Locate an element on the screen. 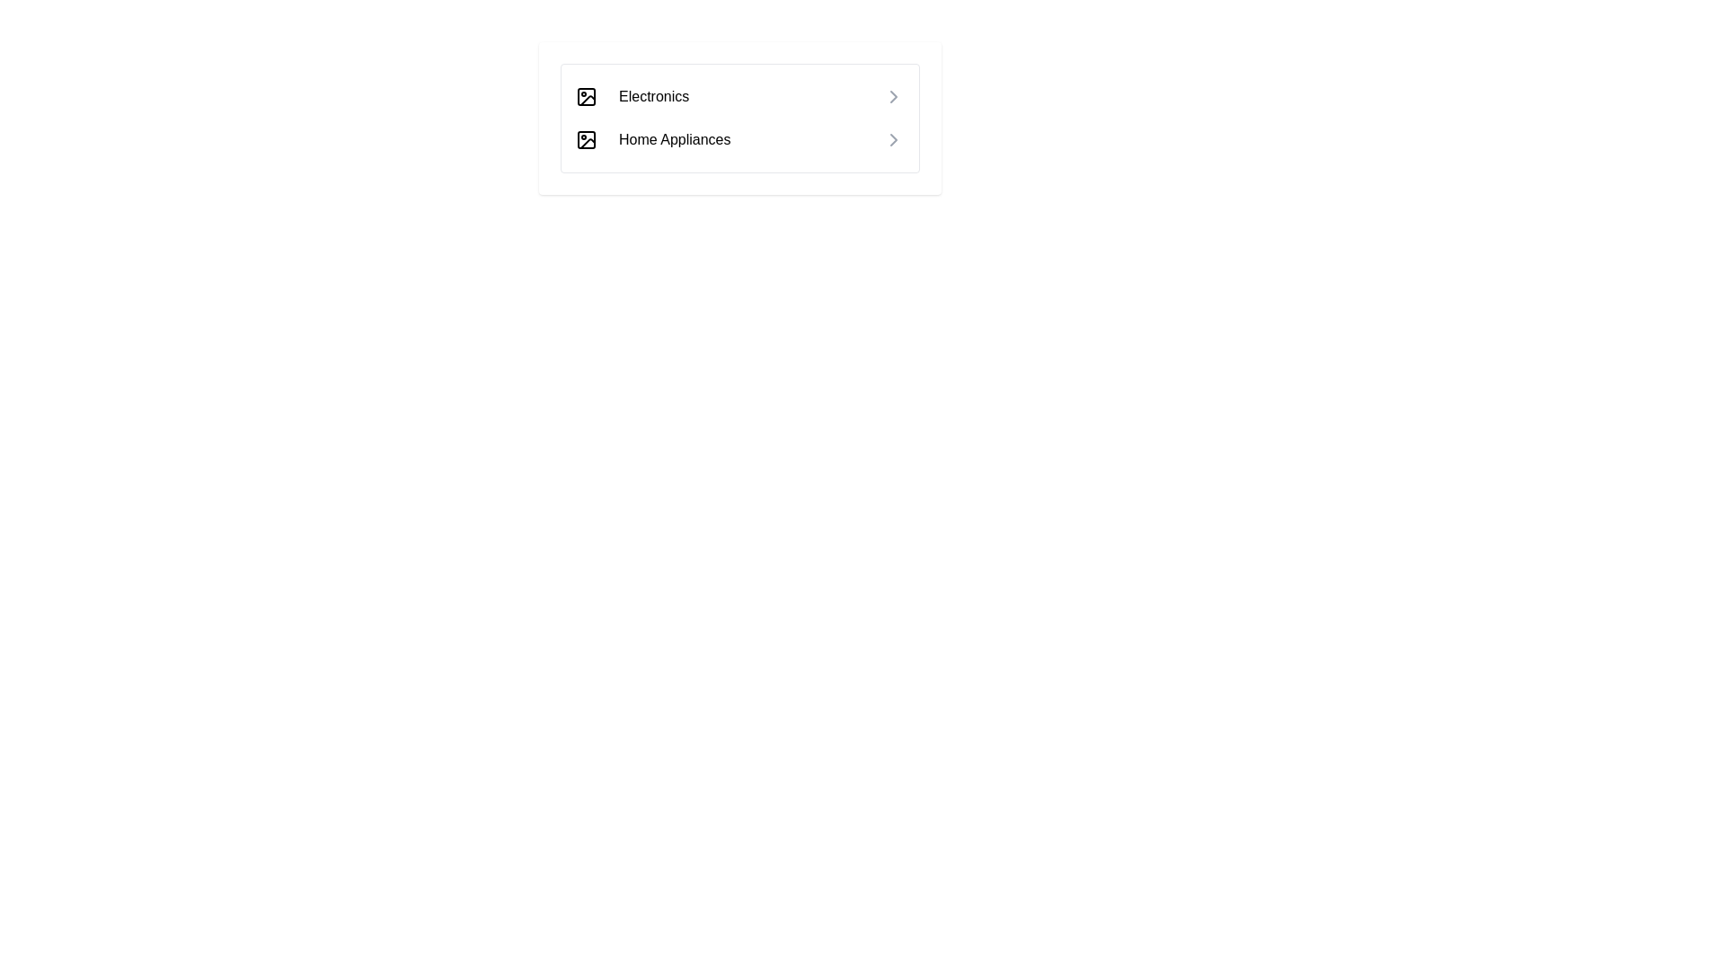  the rightward-facing chevron SVG icon next to the 'Electronics' option is located at coordinates (893, 97).